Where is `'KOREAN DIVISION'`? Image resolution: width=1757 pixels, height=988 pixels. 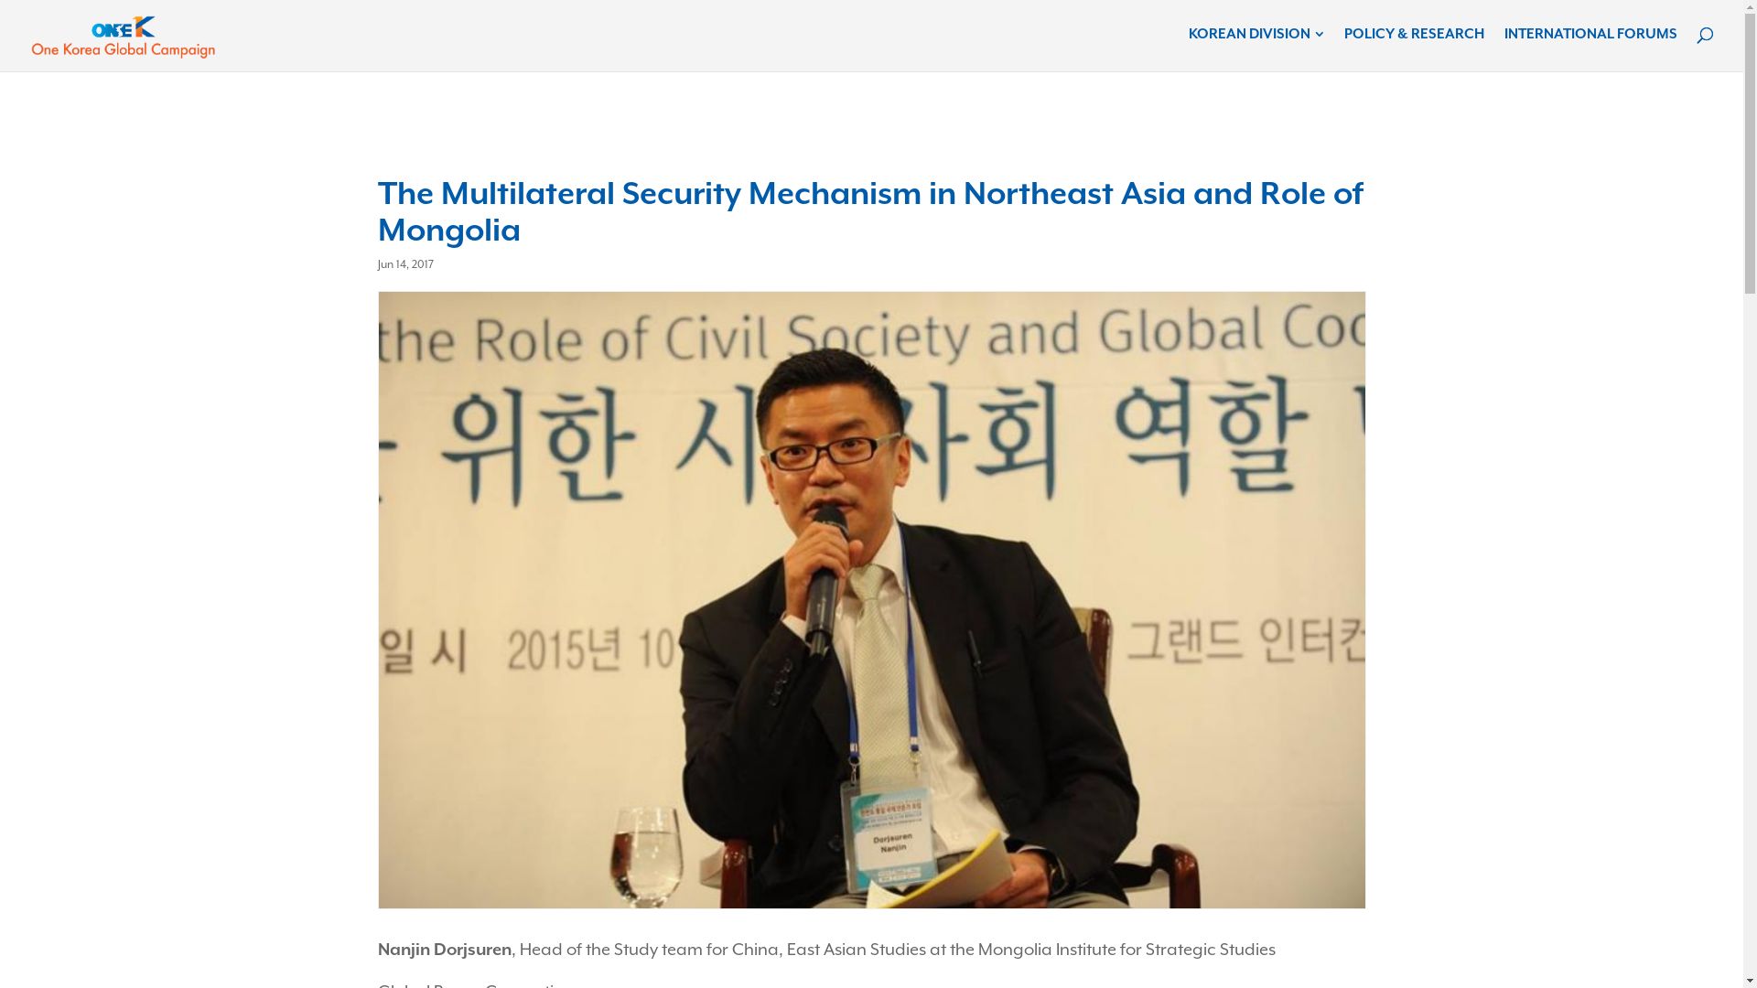 'KOREAN DIVISION' is located at coordinates (1255, 35).